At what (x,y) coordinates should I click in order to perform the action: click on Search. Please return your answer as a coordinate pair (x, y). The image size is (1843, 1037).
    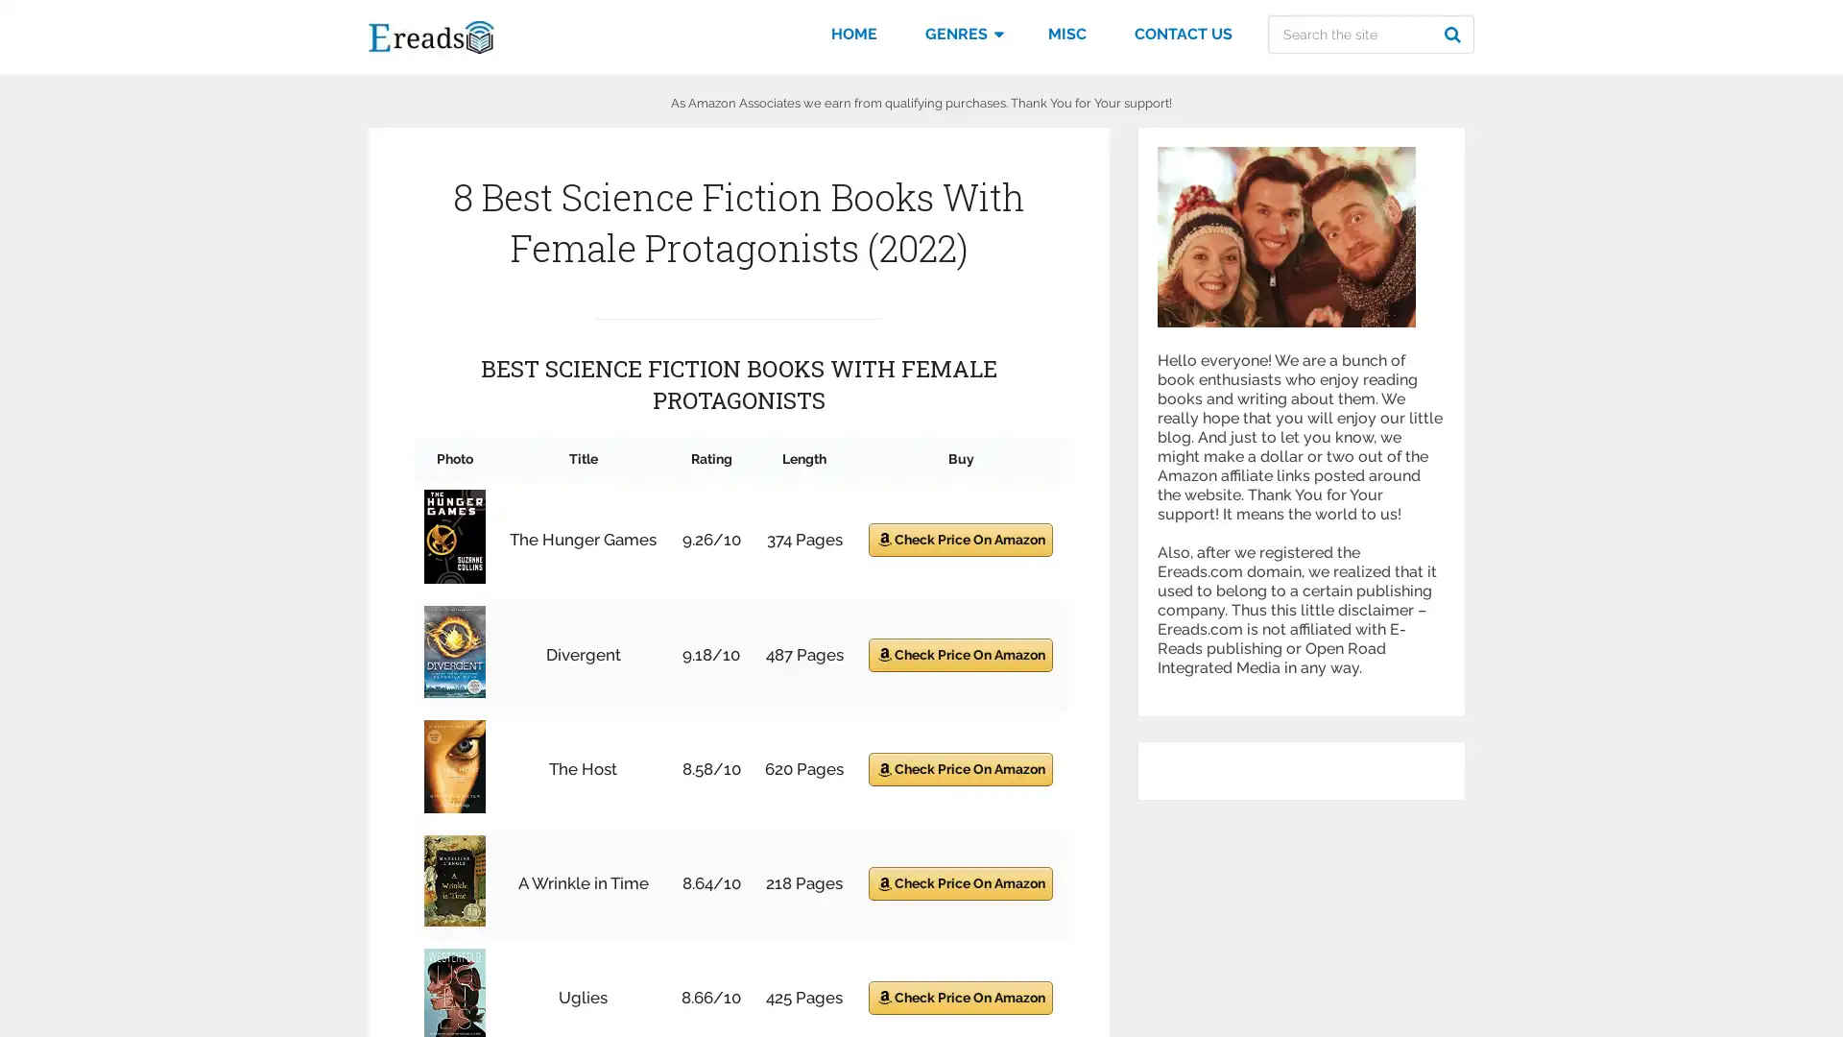
    Looking at the image, I should click on (1455, 34).